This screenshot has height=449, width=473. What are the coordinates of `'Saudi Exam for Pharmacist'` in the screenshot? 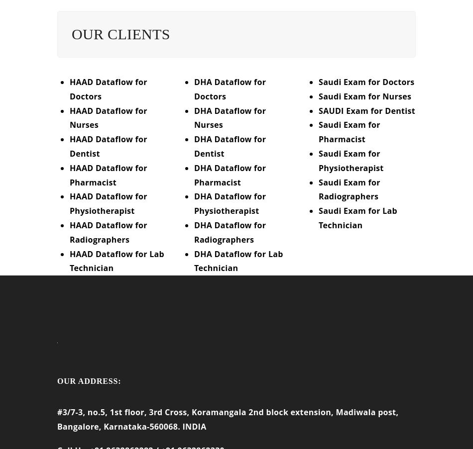 It's located at (349, 138).